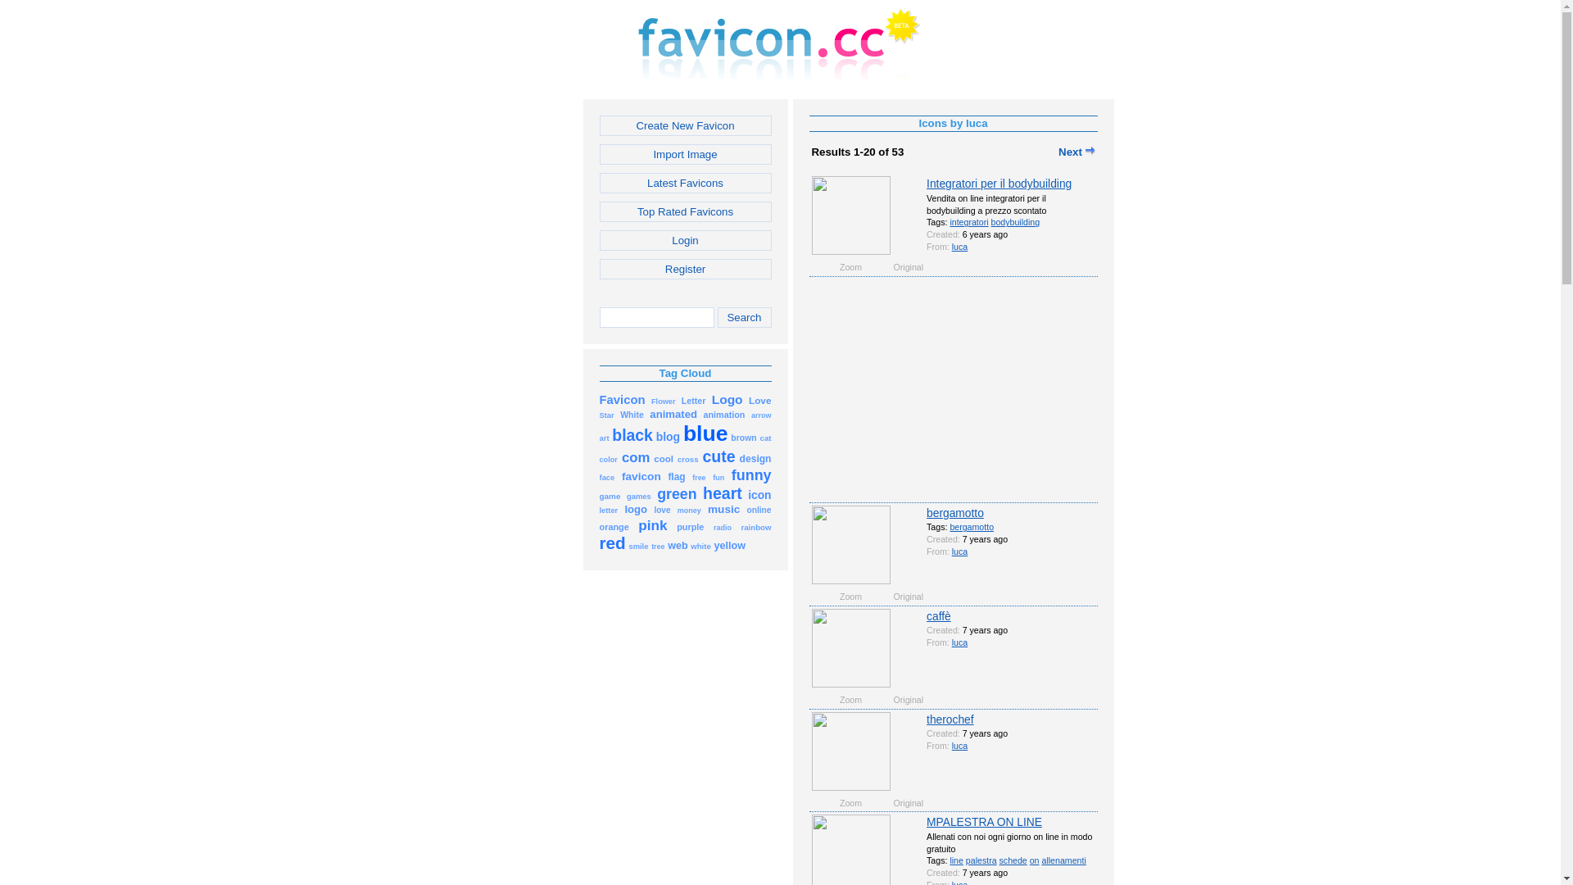 The height and width of the screenshot is (885, 1573). I want to click on 'Star', so click(605, 413).